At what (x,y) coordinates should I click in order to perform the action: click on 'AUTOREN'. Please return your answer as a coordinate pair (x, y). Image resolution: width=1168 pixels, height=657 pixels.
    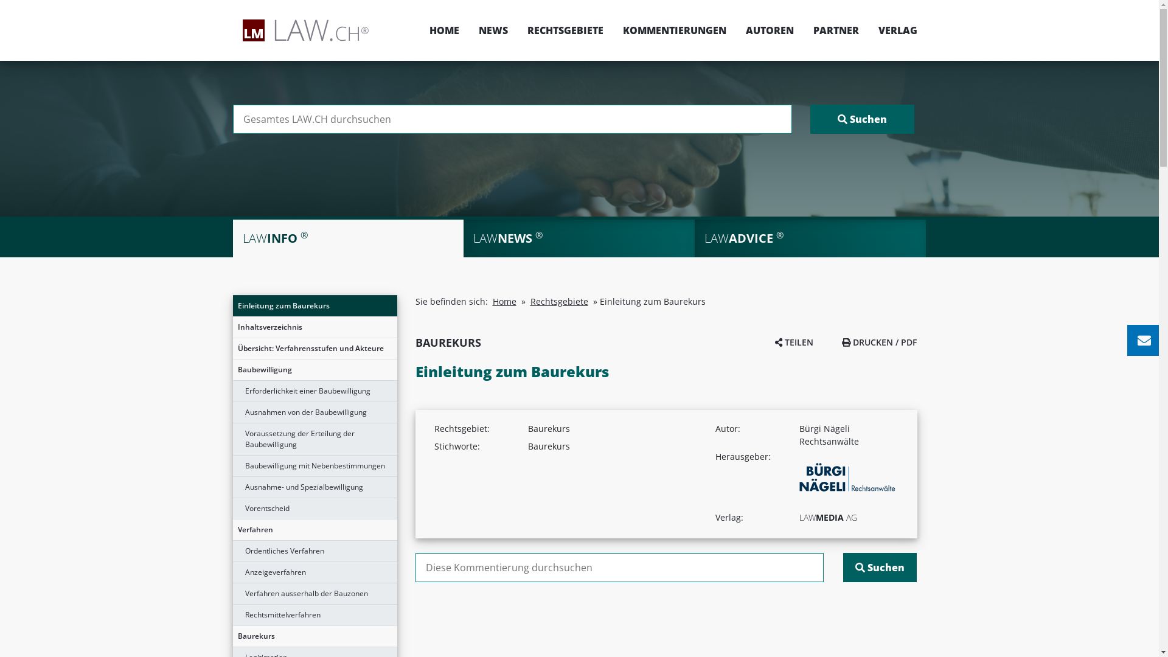
    Looking at the image, I should click on (769, 30).